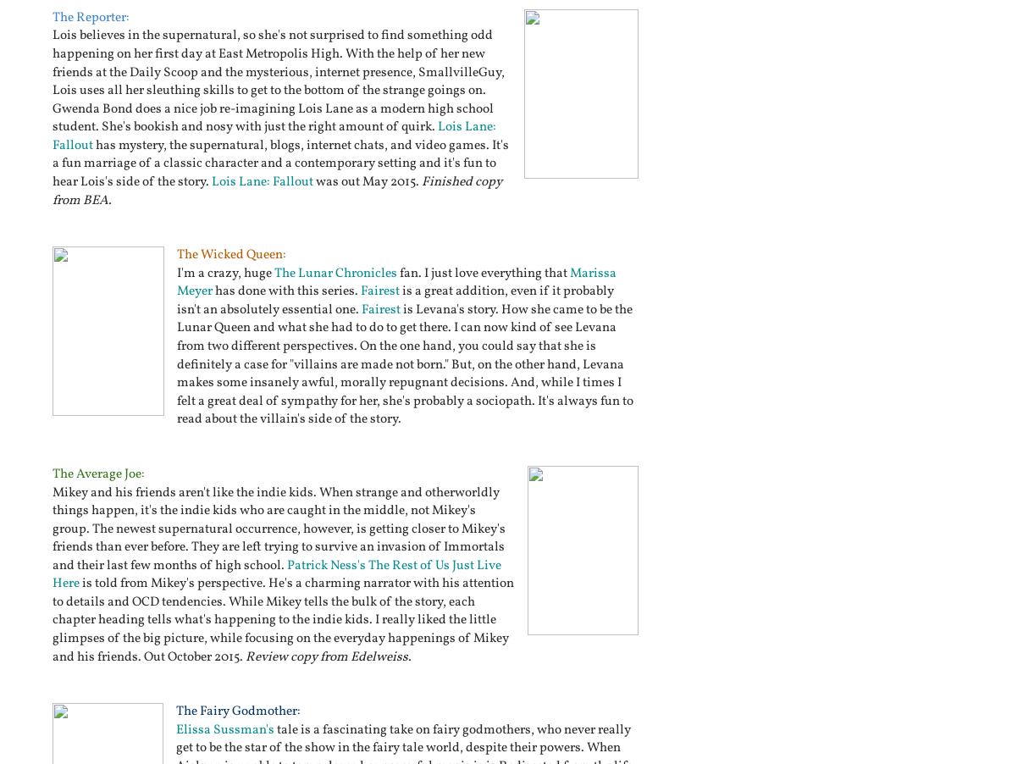 Image resolution: width=1023 pixels, height=764 pixels. I want to click on 'The Fairy Godmother:', so click(238, 711).